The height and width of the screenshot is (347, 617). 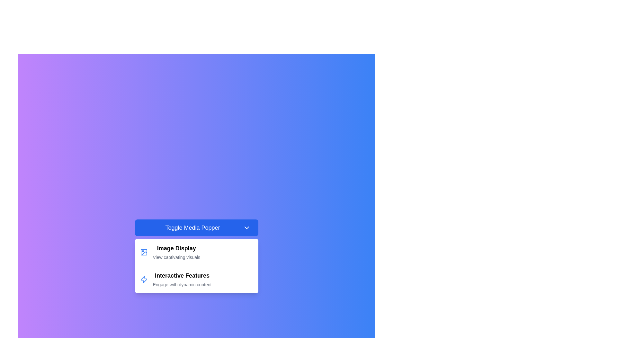 I want to click on the 'Interactive Features' menu item in the dropdown menu, so click(x=196, y=279).